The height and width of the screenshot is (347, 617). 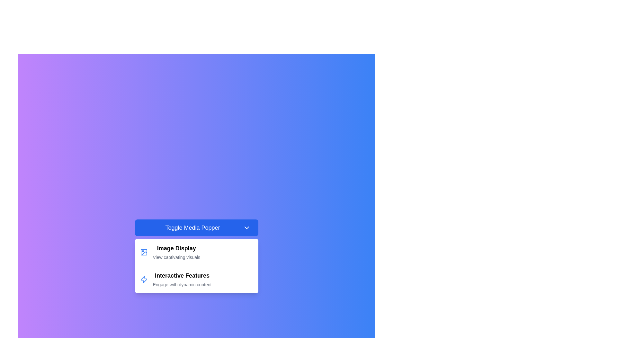 I want to click on the 'Interactive Features' menu item in the dropdown menu, so click(x=196, y=279).